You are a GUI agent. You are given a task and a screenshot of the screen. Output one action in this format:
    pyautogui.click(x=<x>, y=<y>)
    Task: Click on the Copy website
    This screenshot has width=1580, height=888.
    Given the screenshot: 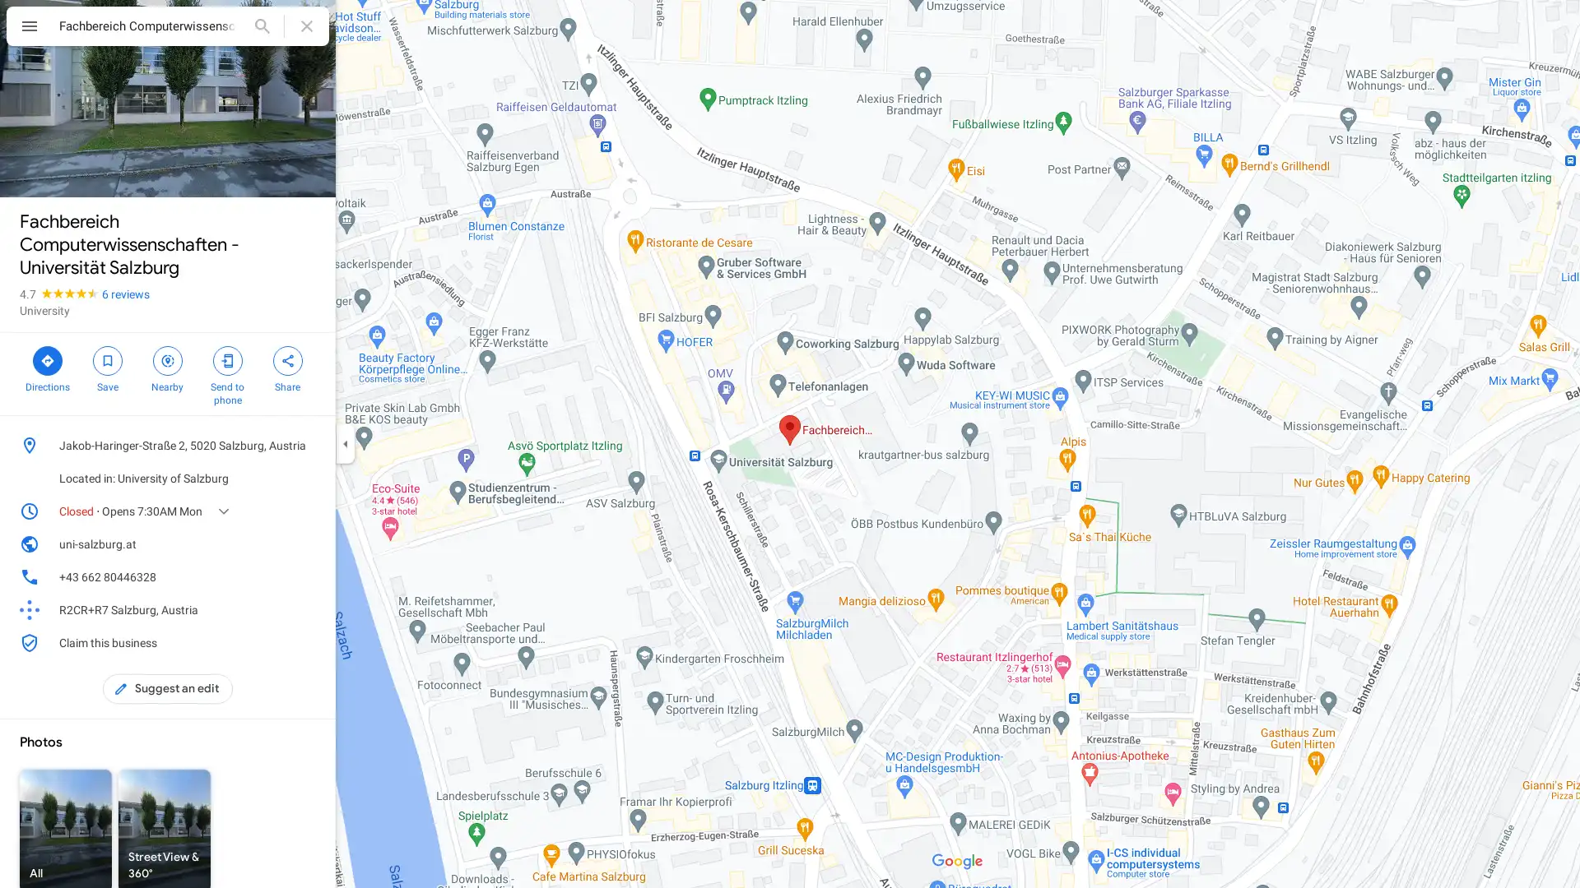 What is the action you would take?
    pyautogui.click(x=308, y=544)
    